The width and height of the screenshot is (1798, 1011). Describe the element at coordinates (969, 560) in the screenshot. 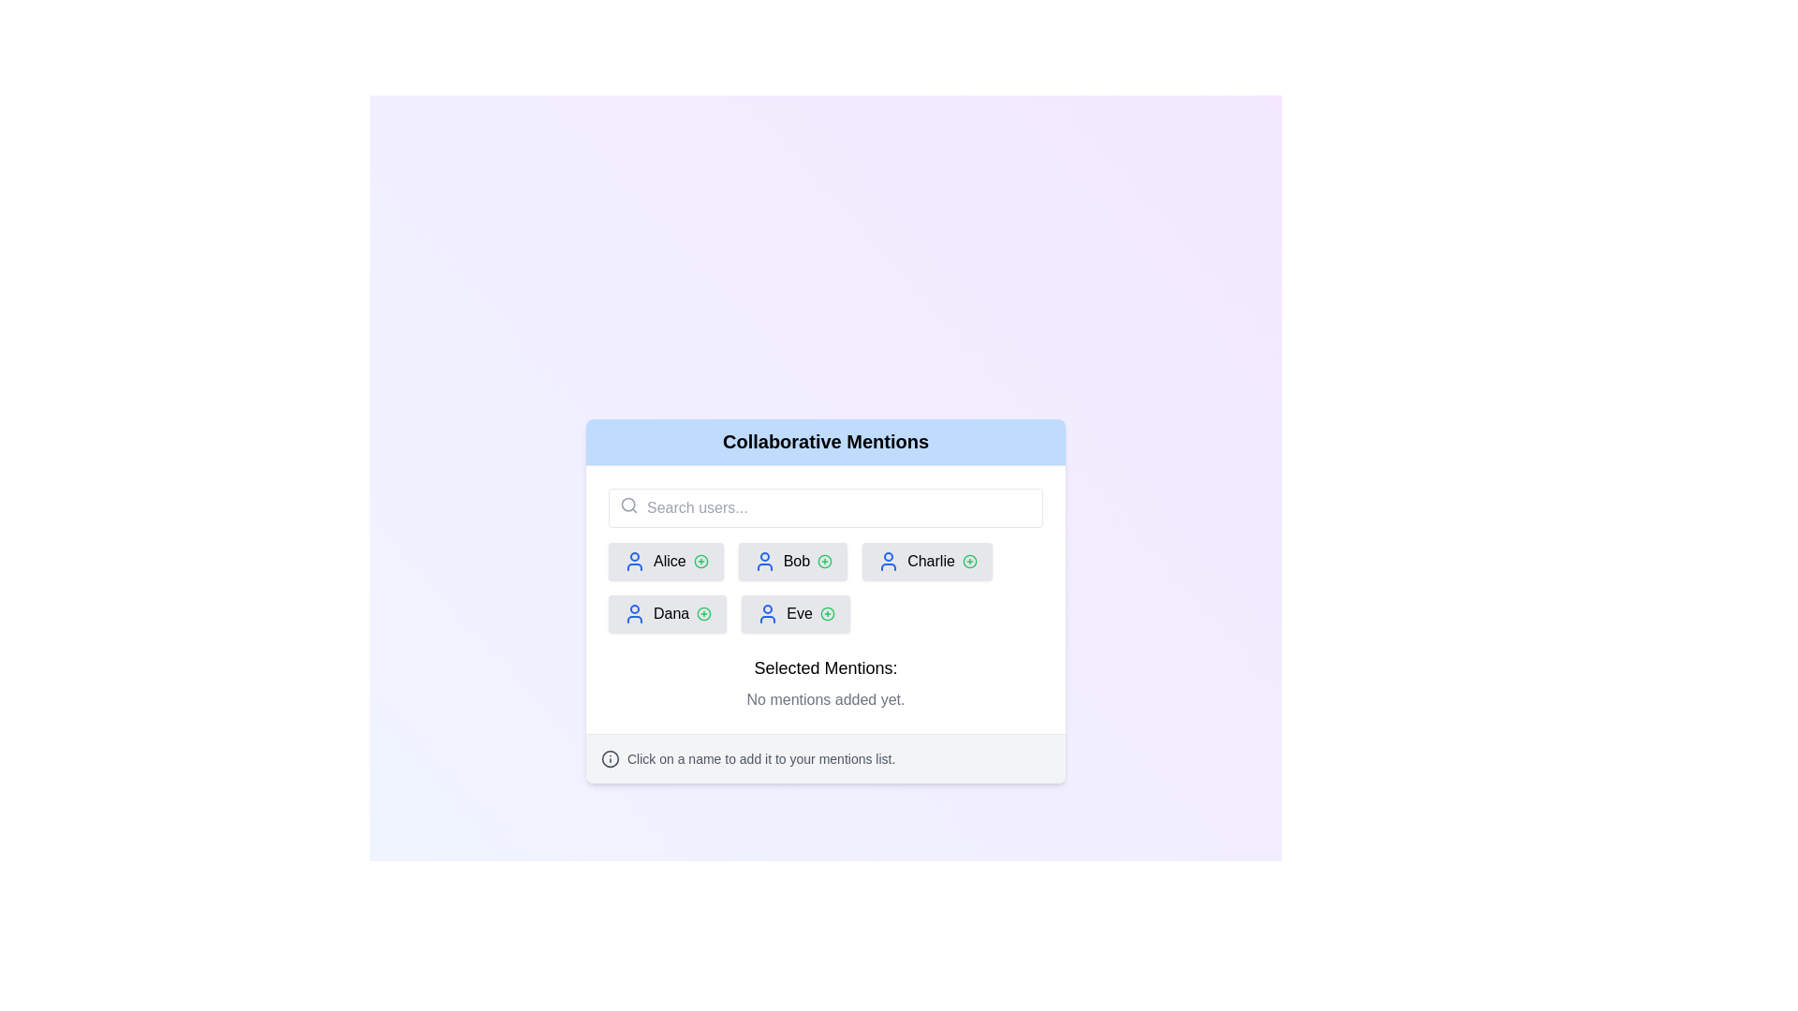

I see `the button located to the right of the profile icon labeled 'Charlie' in the horizontal selection panel` at that location.